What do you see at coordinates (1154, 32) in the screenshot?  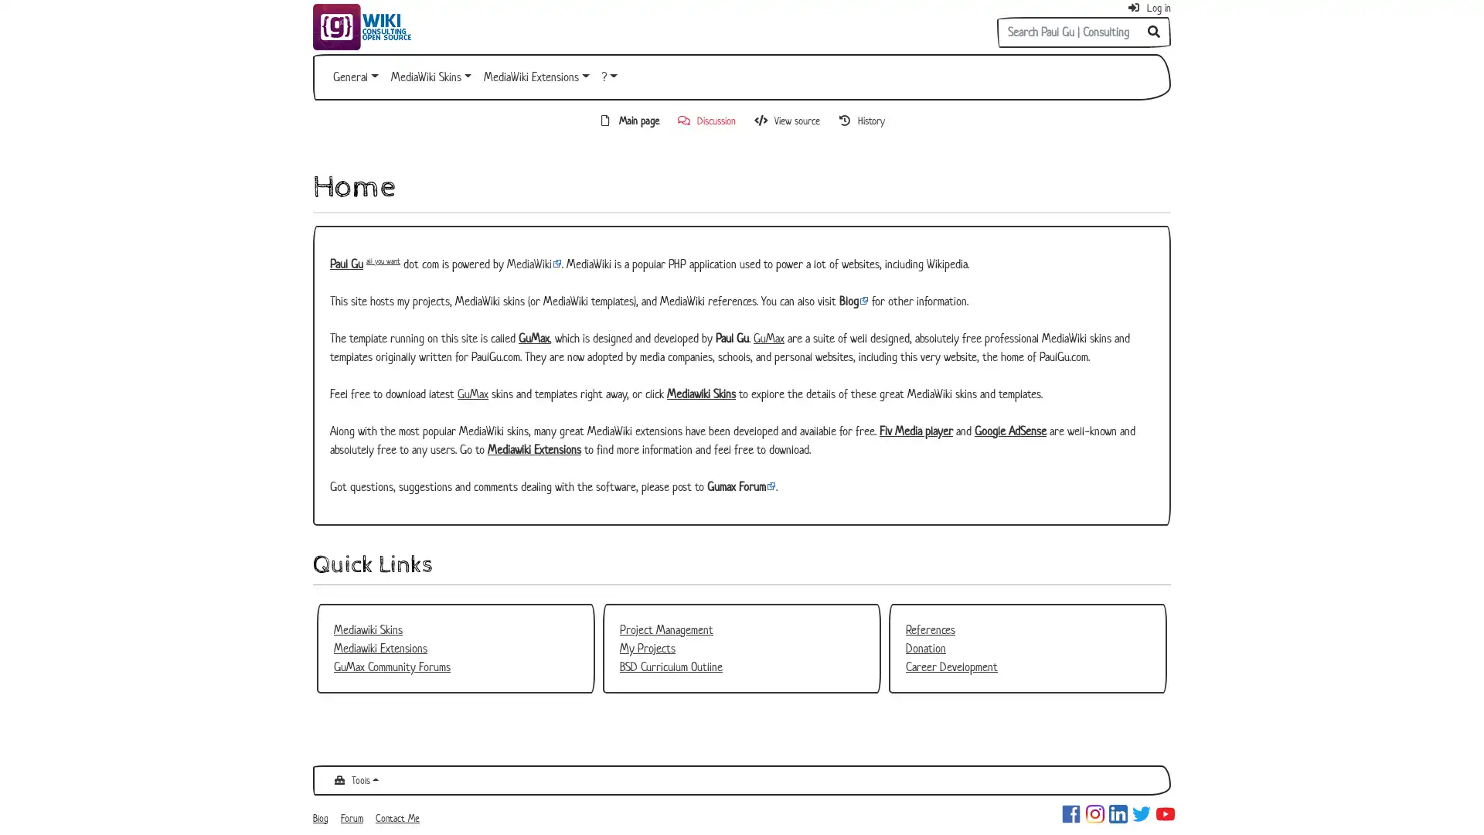 I see `Go to page` at bounding box center [1154, 32].